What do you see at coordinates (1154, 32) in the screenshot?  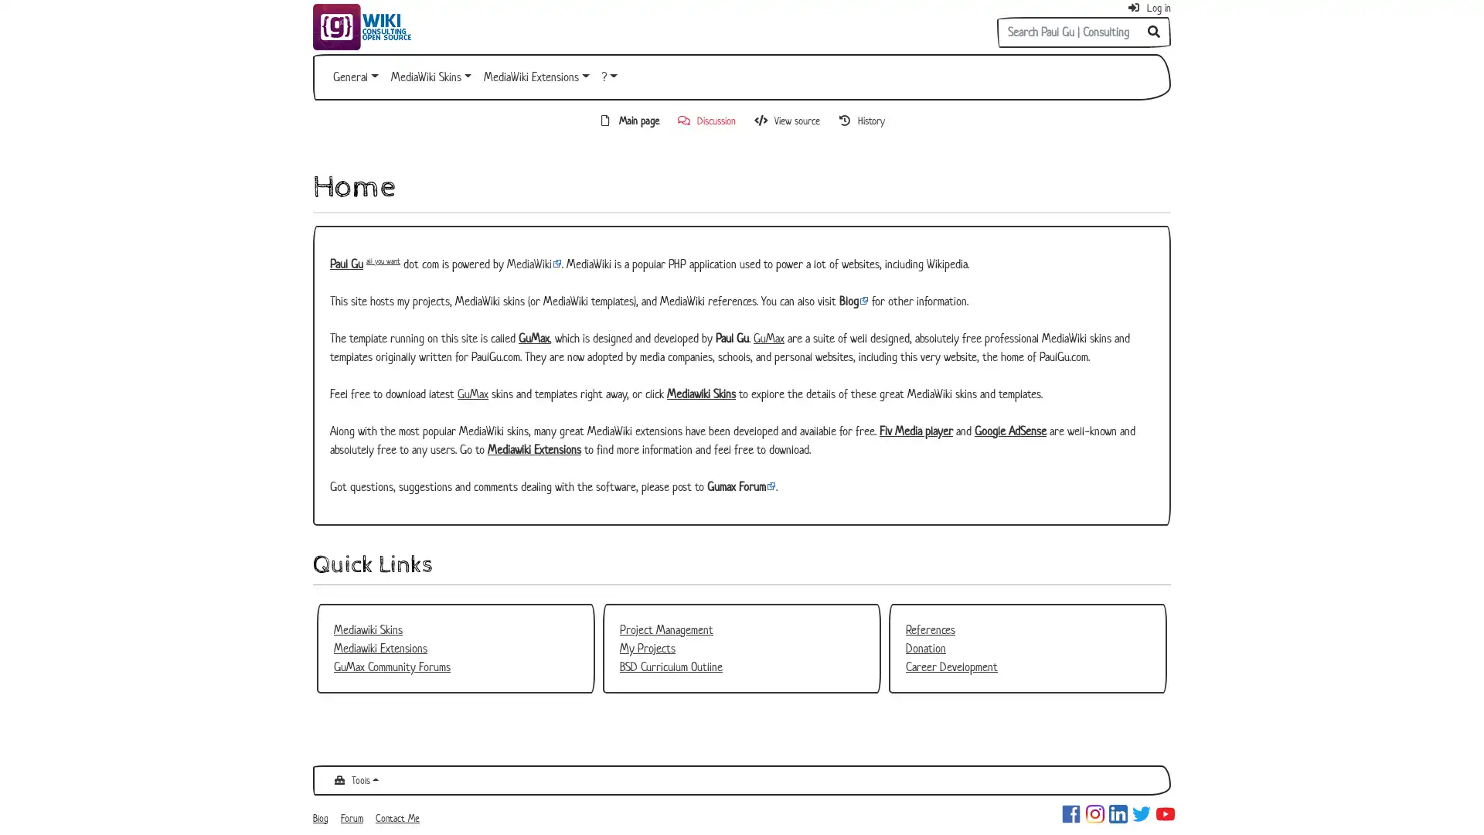 I see `Go to page` at bounding box center [1154, 32].